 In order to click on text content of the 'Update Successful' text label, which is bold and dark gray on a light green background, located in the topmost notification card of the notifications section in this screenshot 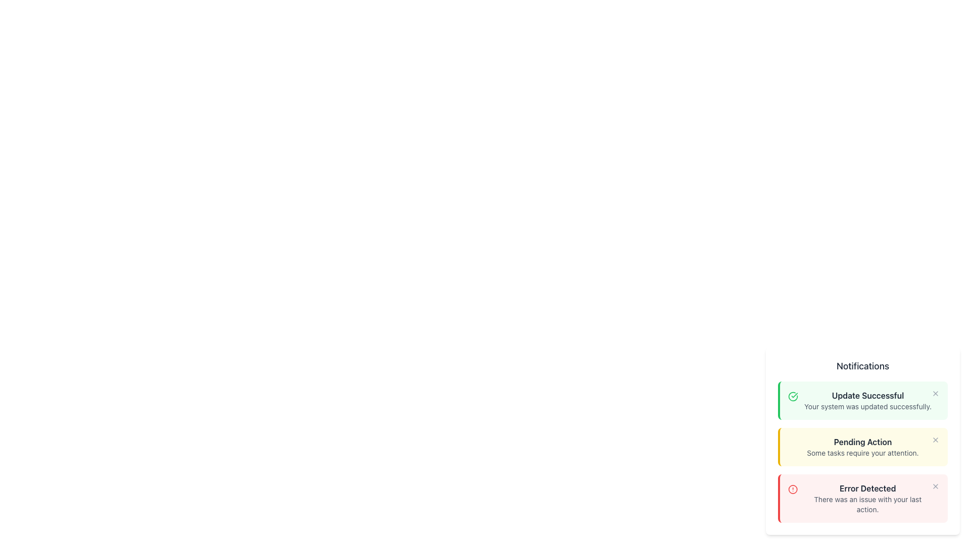, I will do `click(867, 395)`.